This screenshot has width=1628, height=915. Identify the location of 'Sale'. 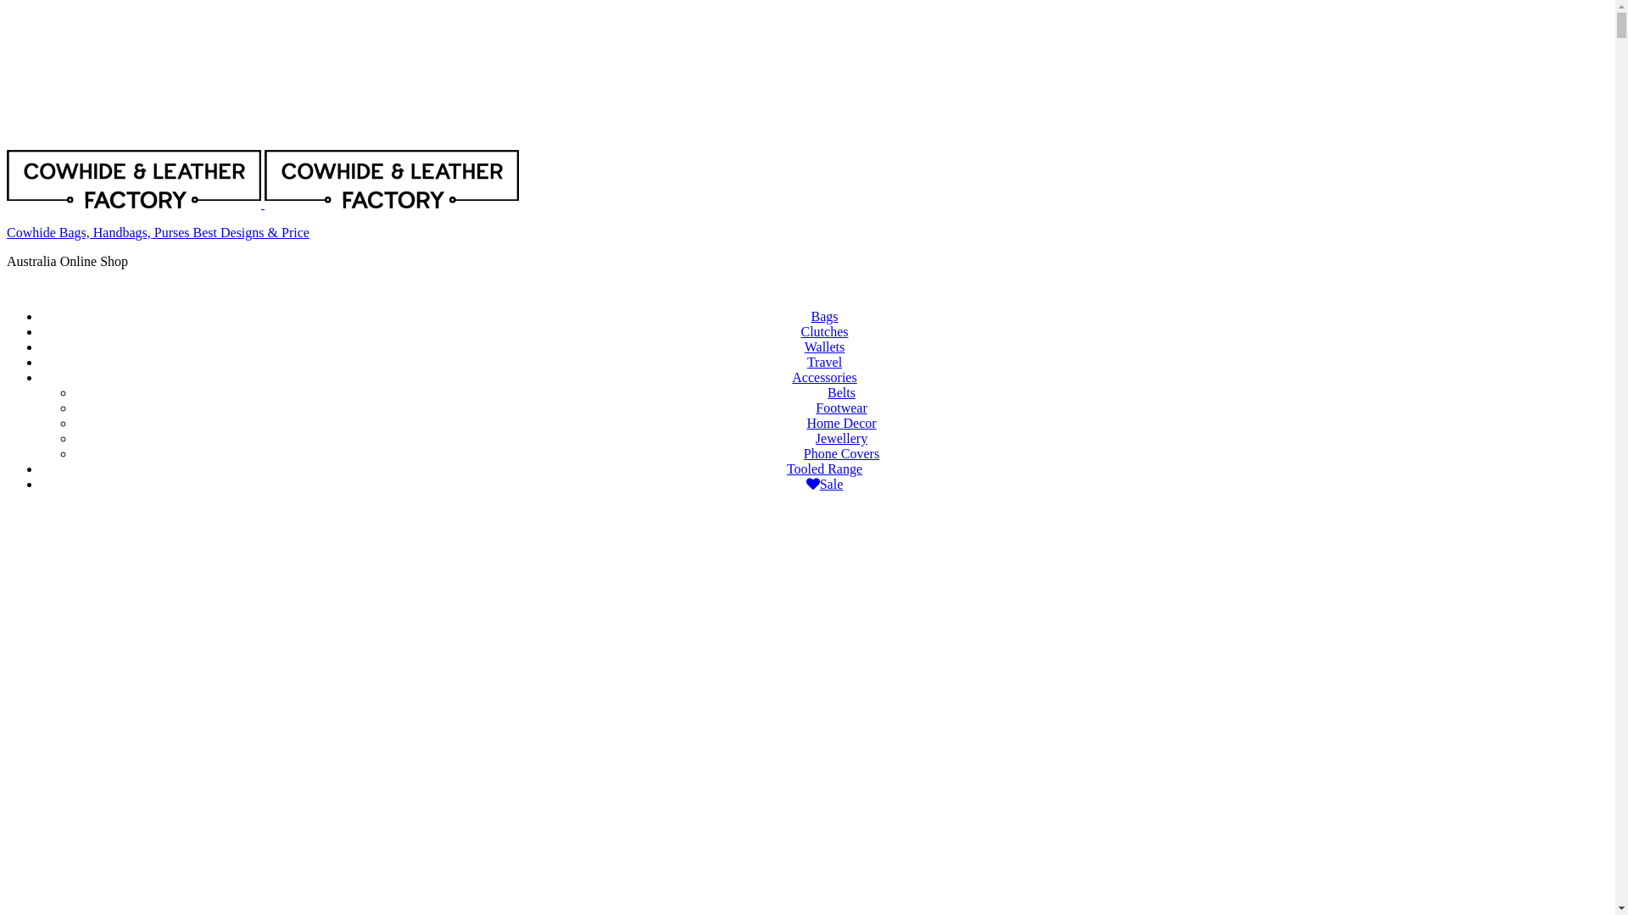
(825, 484).